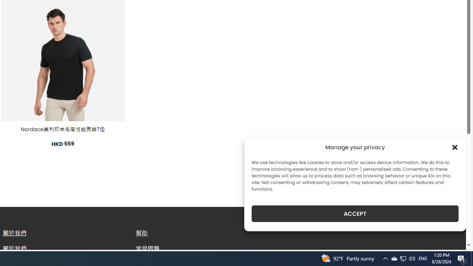 The image size is (473, 266). Describe the element at coordinates (355, 214) in the screenshot. I see `'ACCEPT'` at that location.